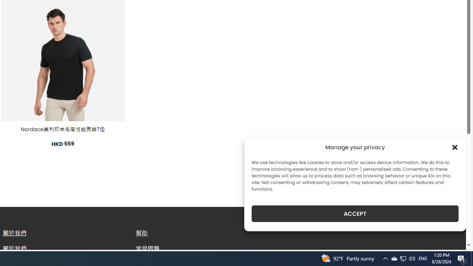 The image size is (473, 266). Describe the element at coordinates (355, 214) in the screenshot. I see `'ACCEPT'` at that location.